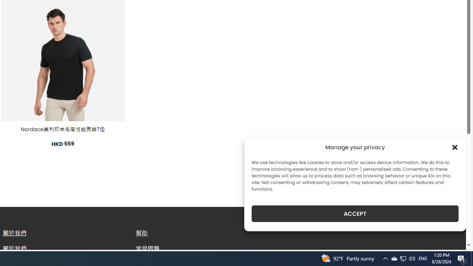 The image size is (473, 266). Describe the element at coordinates (355, 214) in the screenshot. I see `'ACCEPT'` at that location.